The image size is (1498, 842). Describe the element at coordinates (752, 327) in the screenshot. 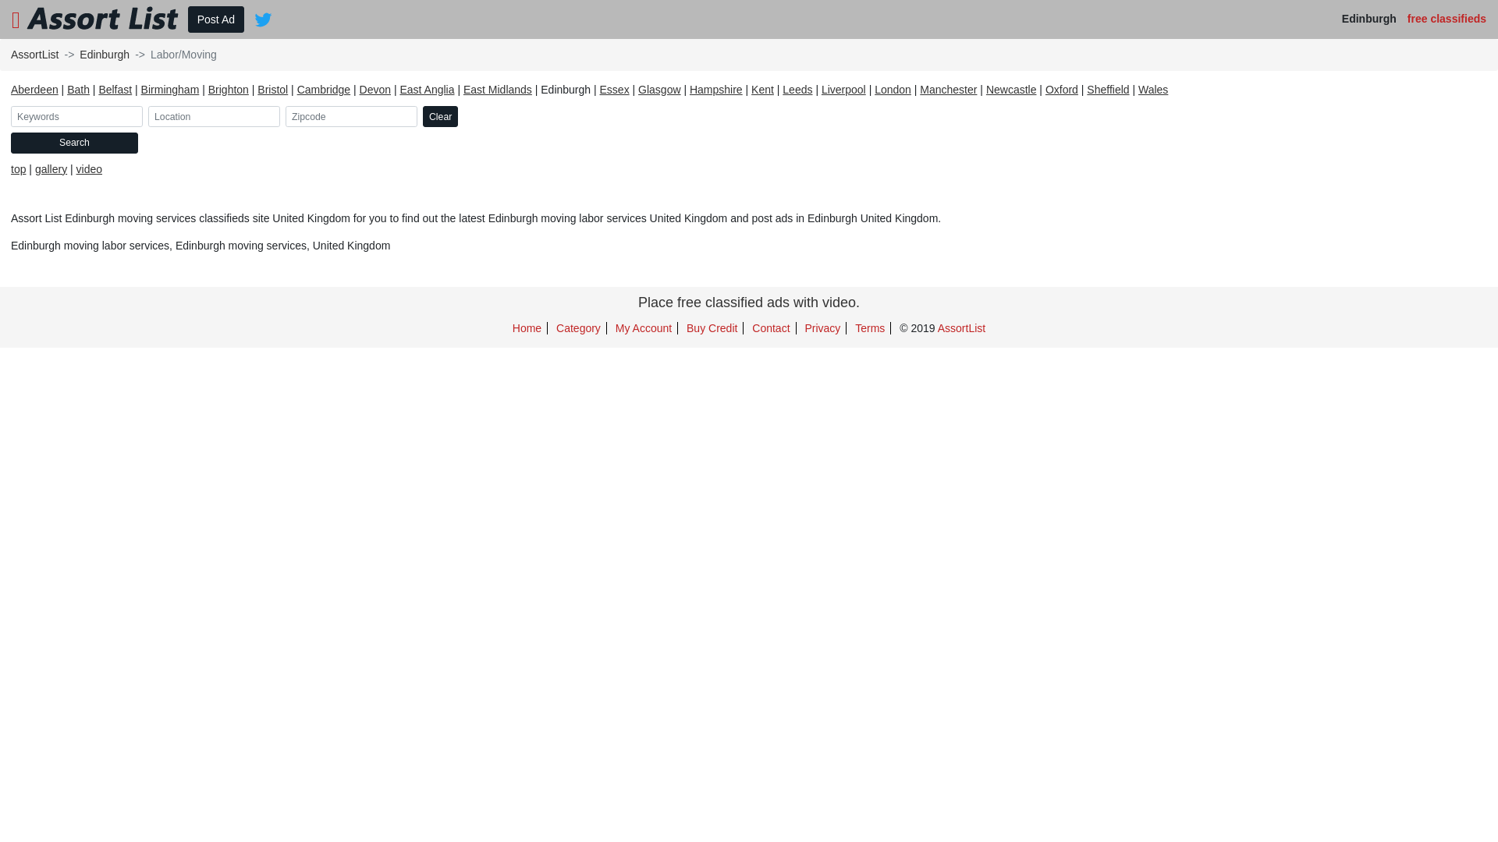

I see `'Contact'` at that location.